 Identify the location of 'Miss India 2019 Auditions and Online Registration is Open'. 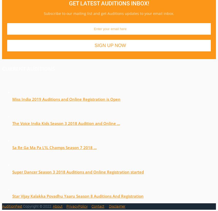
(66, 98).